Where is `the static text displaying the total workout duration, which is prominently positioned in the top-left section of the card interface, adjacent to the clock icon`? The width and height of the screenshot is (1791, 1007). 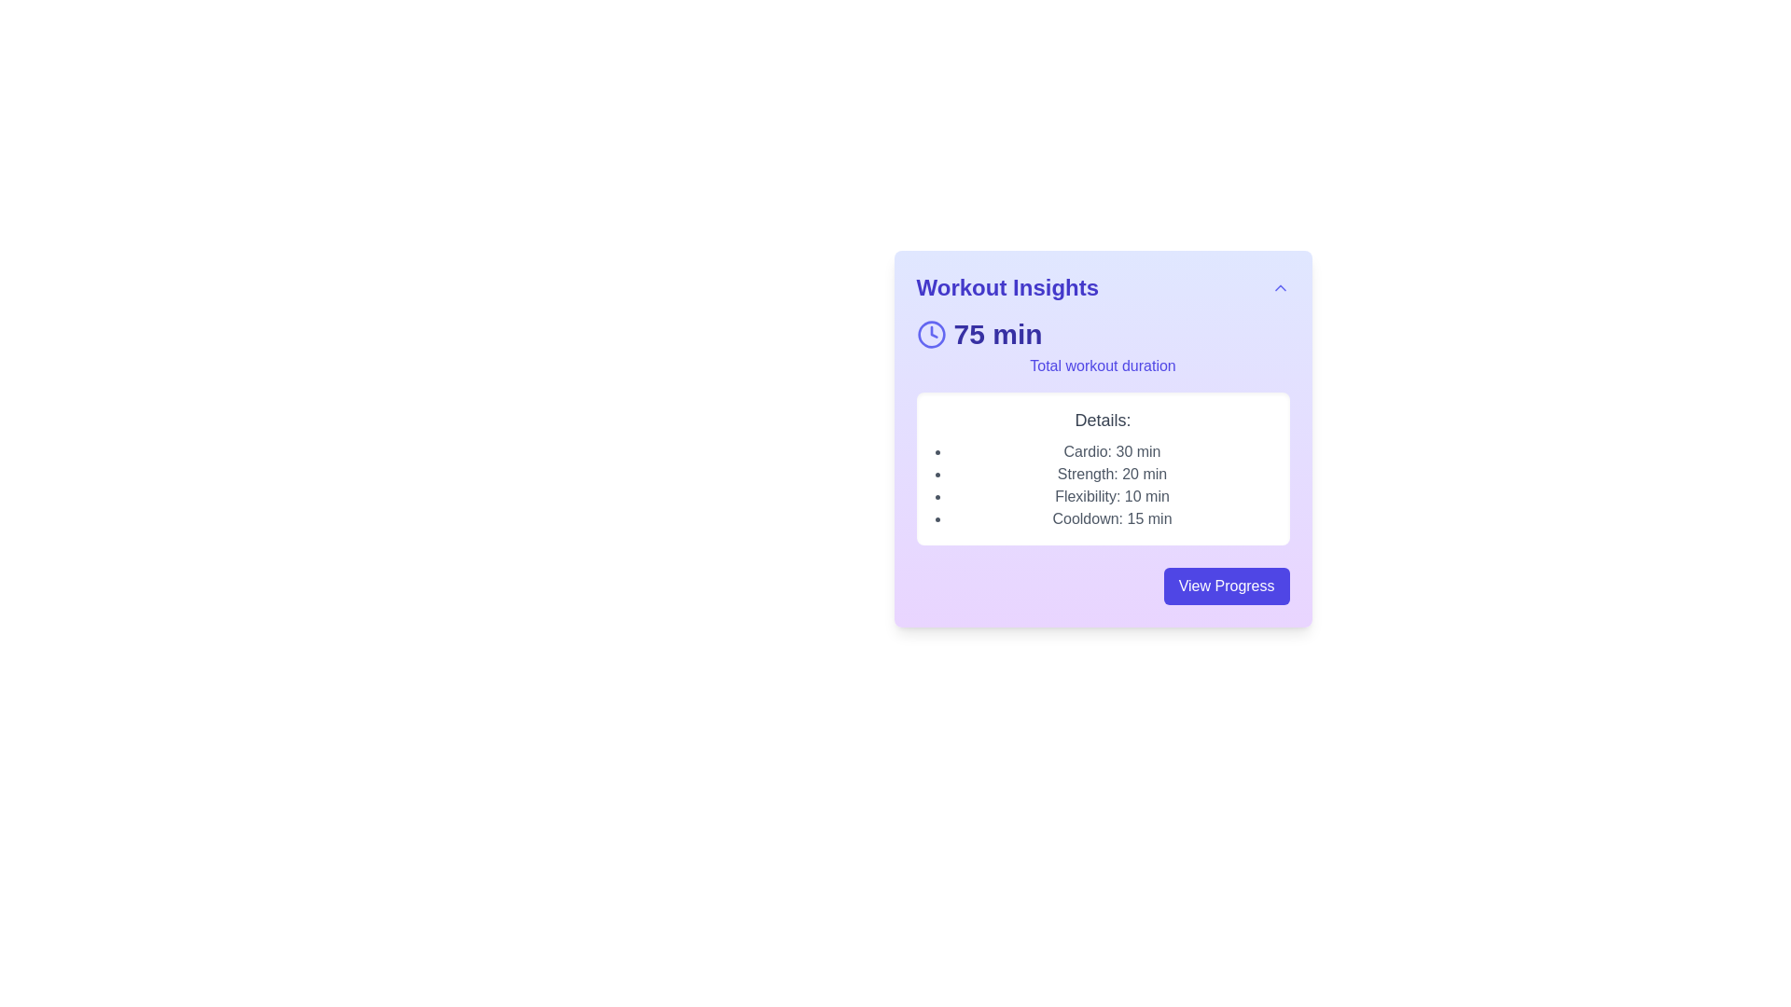 the static text displaying the total workout duration, which is prominently positioned in the top-left section of the card interface, adjacent to the clock icon is located at coordinates (997, 333).